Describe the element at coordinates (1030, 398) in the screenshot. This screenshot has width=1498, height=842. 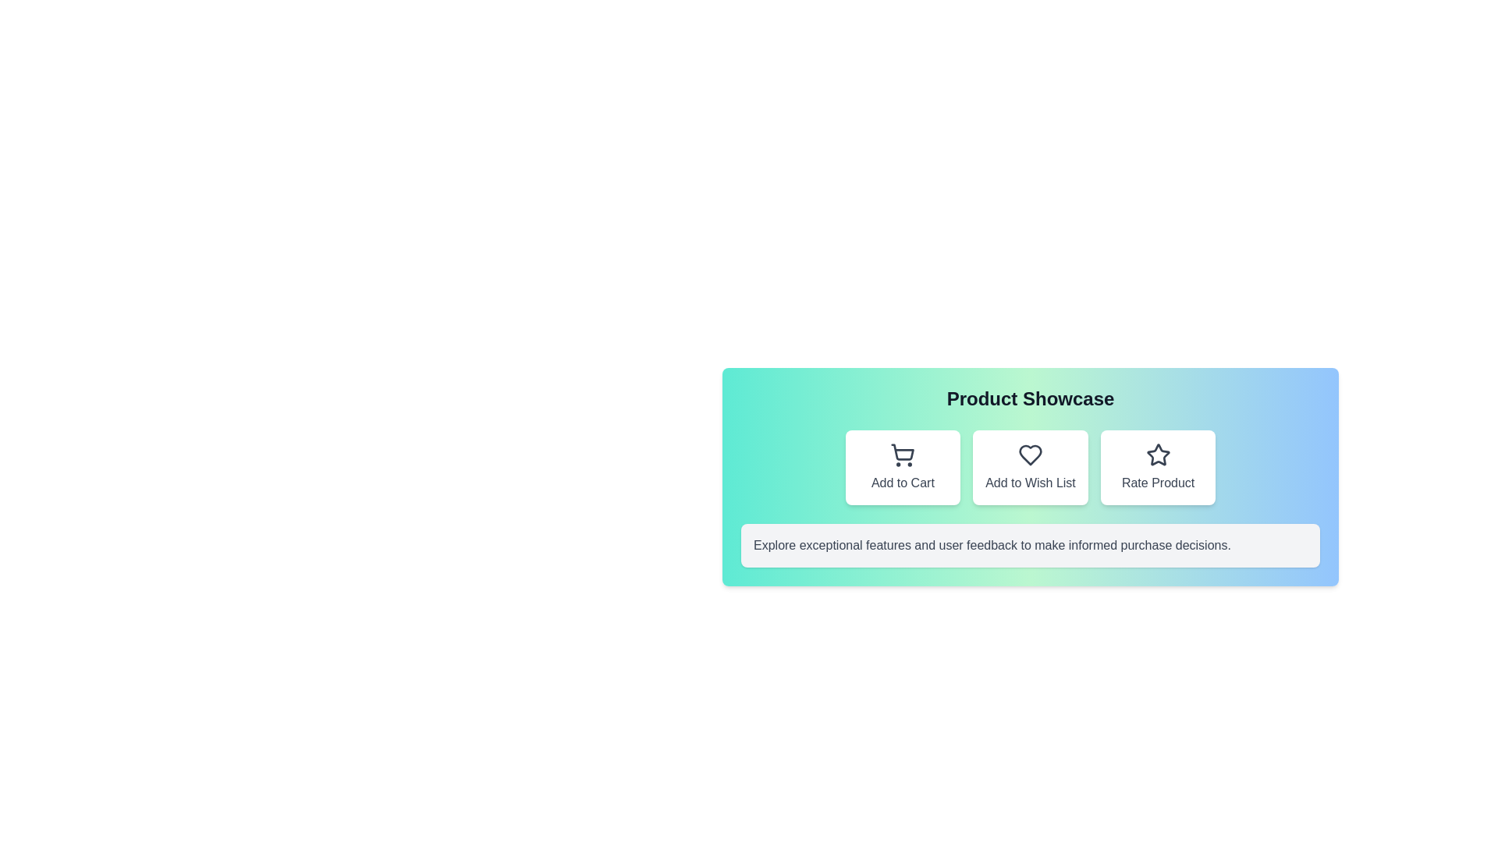
I see `the 'Product Showcase' heading text label, which is styled in bold and large gray font, located at the top of a section above three buttons` at that location.